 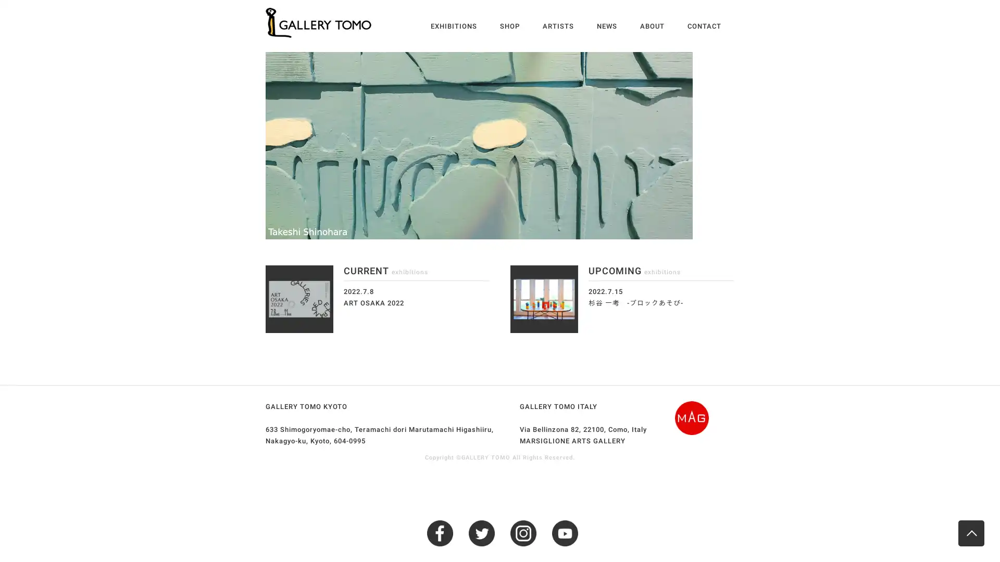 I want to click on Previous, so click(x=257, y=146).